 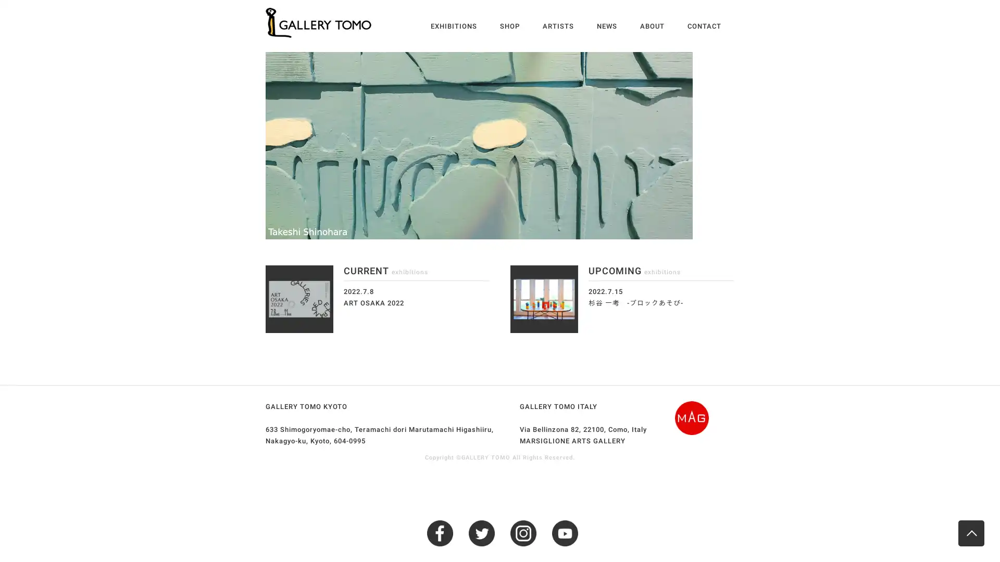 I want to click on Previous, so click(x=257, y=146).